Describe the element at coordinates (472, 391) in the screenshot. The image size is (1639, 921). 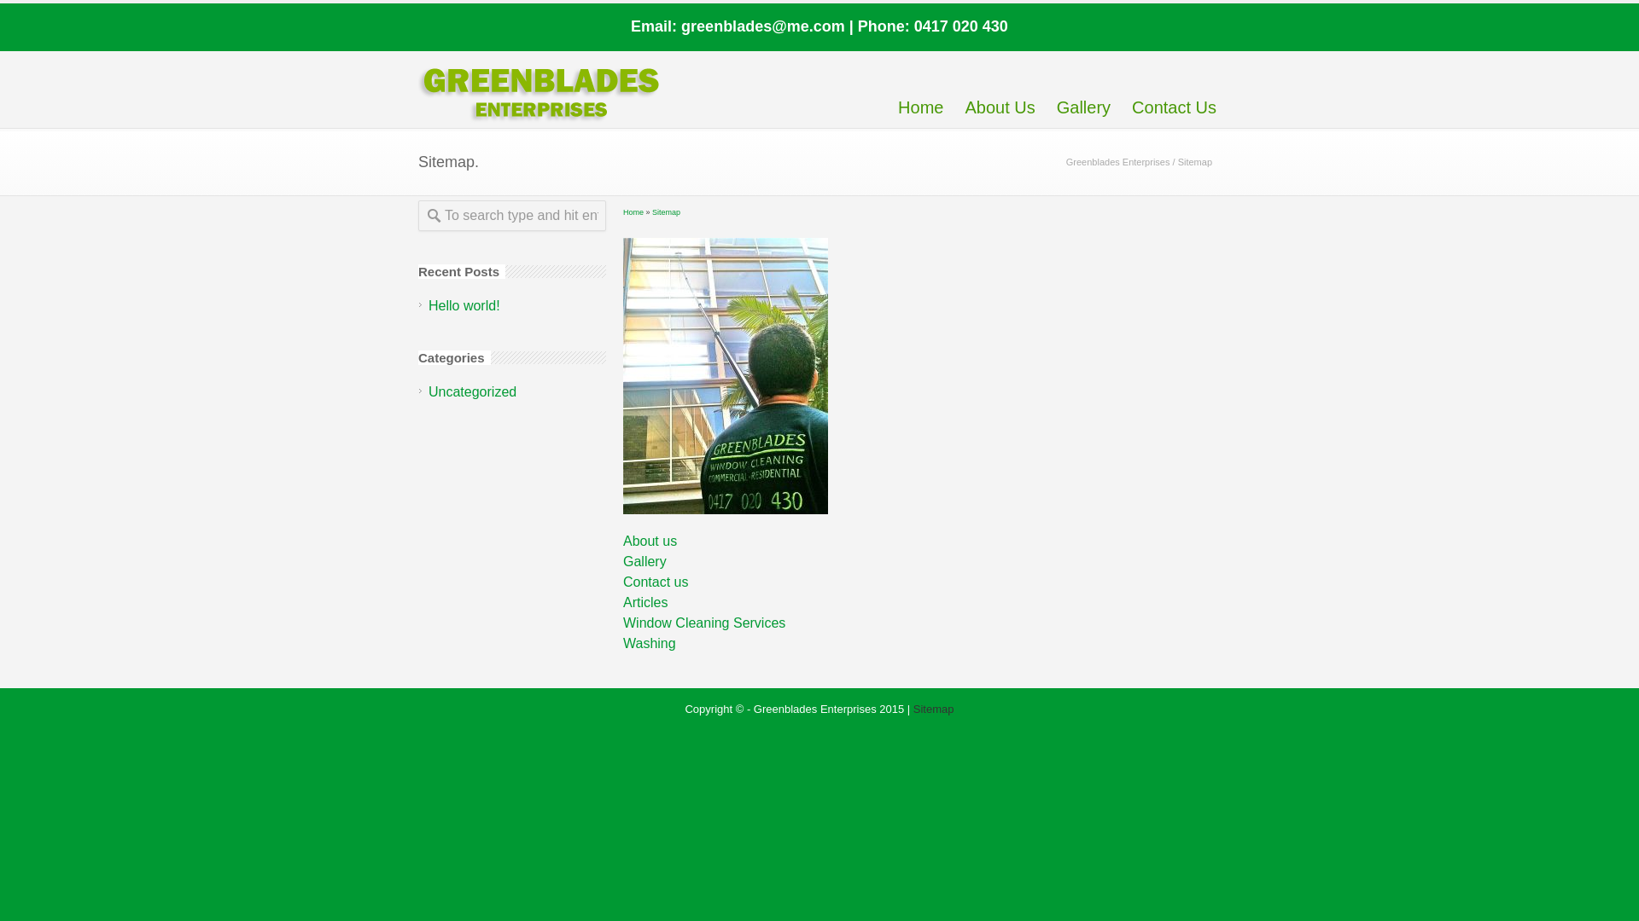
I see `'Uncategorized'` at that location.